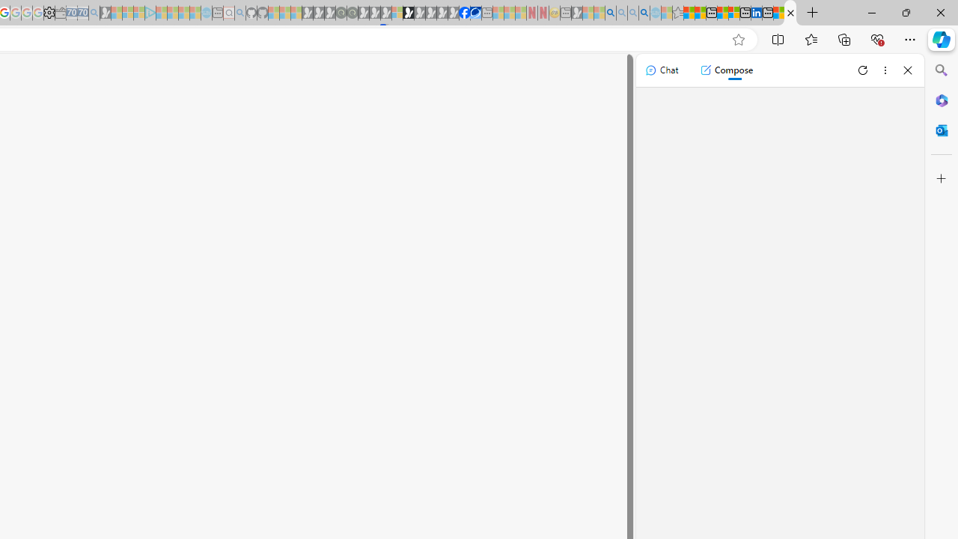  I want to click on 'Chat', so click(661, 70).